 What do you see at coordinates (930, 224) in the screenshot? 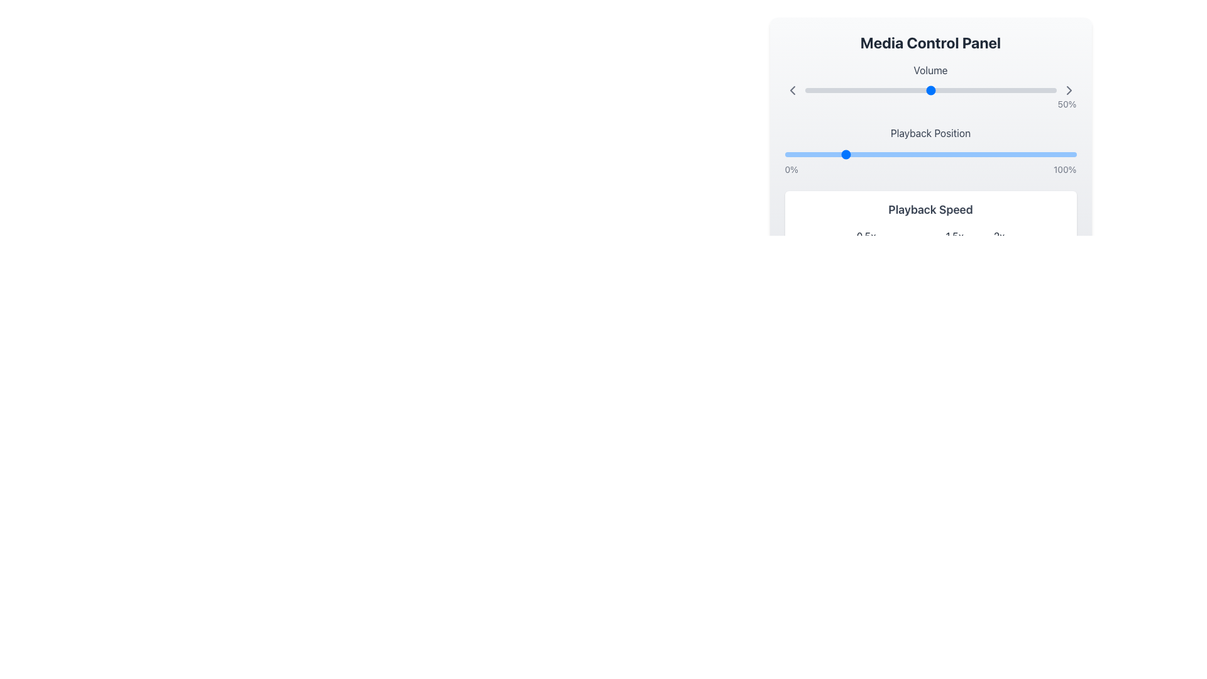
I see `the selectable speed option in the playback speed options group located in the media control panel, which is the third section from the top and is positioned below the 'Playback Position' control` at bounding box center [930, 224].